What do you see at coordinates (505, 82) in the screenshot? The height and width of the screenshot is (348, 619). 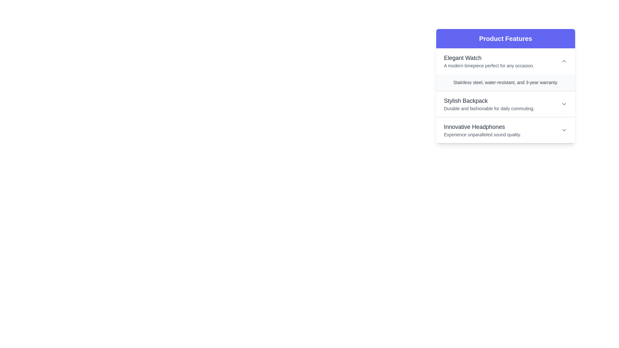 I see `the Text element that provides additional information about the 'Elegant Watch' product, located in the 'Product Features' section, below the title 'Elegant Watch'` at bounding box center [505, 82].